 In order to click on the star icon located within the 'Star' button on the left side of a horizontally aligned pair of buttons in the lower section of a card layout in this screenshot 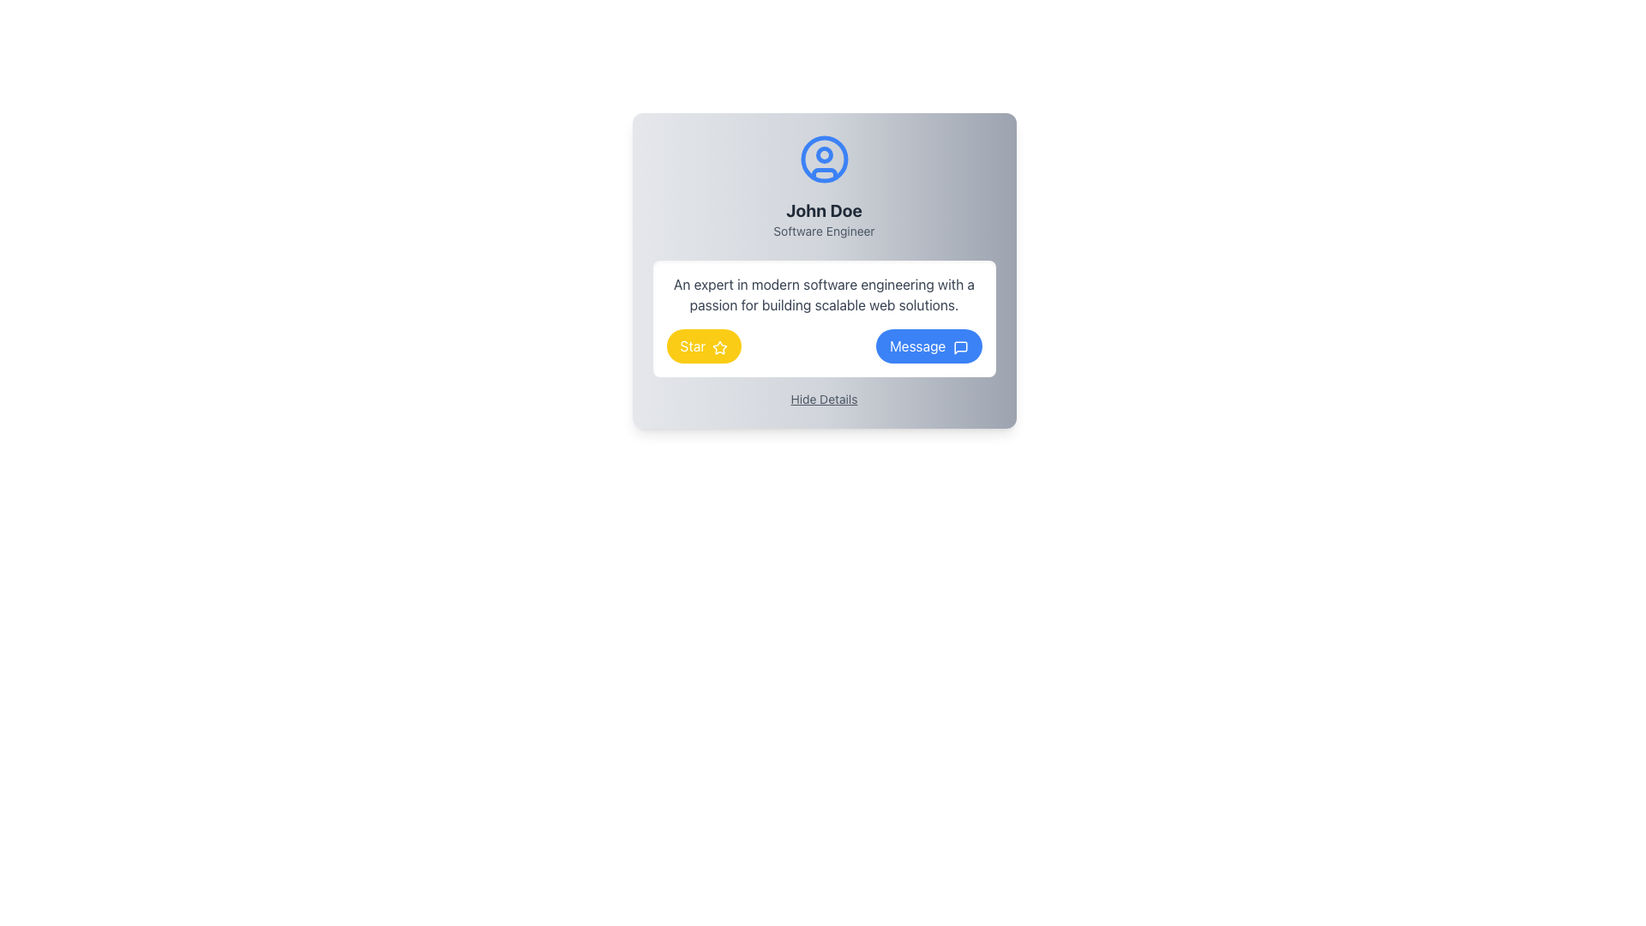, I will do `click(720, 347)`.